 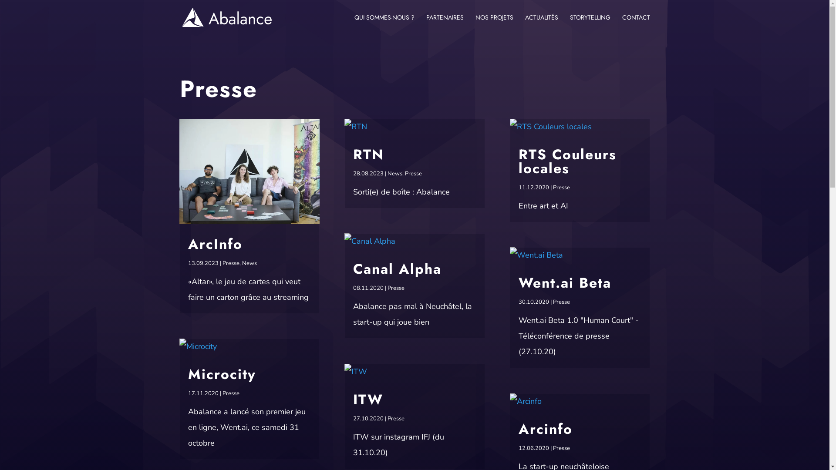 What do you see at coordinates (635, 24) in the screenshot?
I see `'CONTACT'` at bounding box center [635, 24].